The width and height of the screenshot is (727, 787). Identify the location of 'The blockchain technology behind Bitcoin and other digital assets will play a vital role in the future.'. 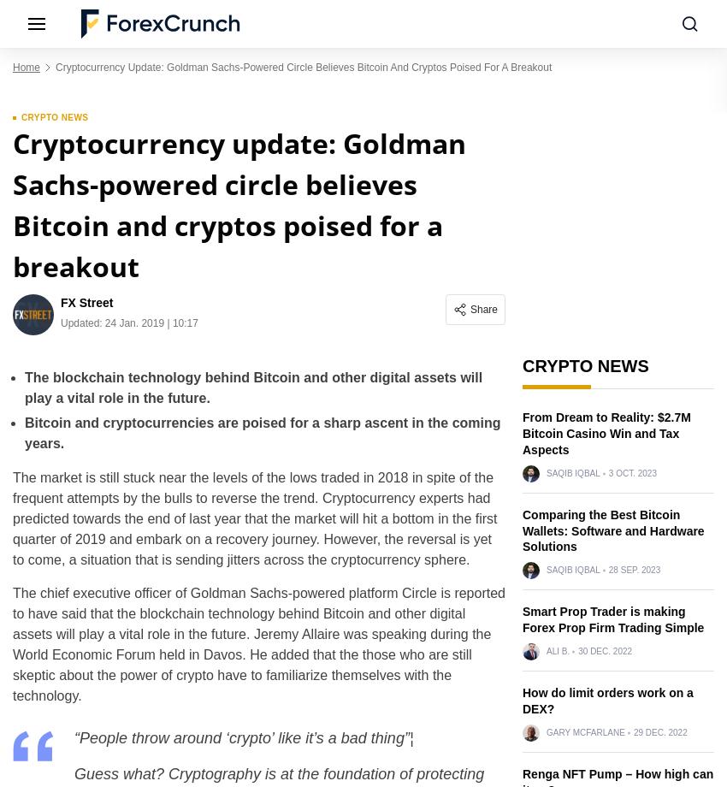
(252, 387).